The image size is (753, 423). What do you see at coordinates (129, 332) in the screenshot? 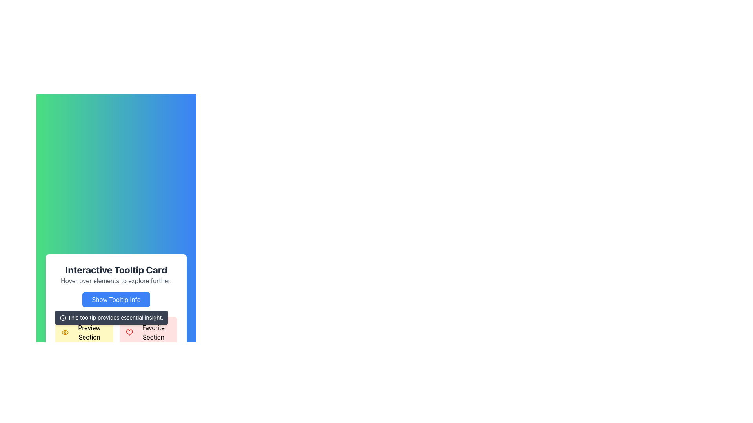
I see `the heart icon representing the 'Favorite Section' of the interface, which visually indicates the functionality related to favoriting or liking` at bounding box center [129, 332].